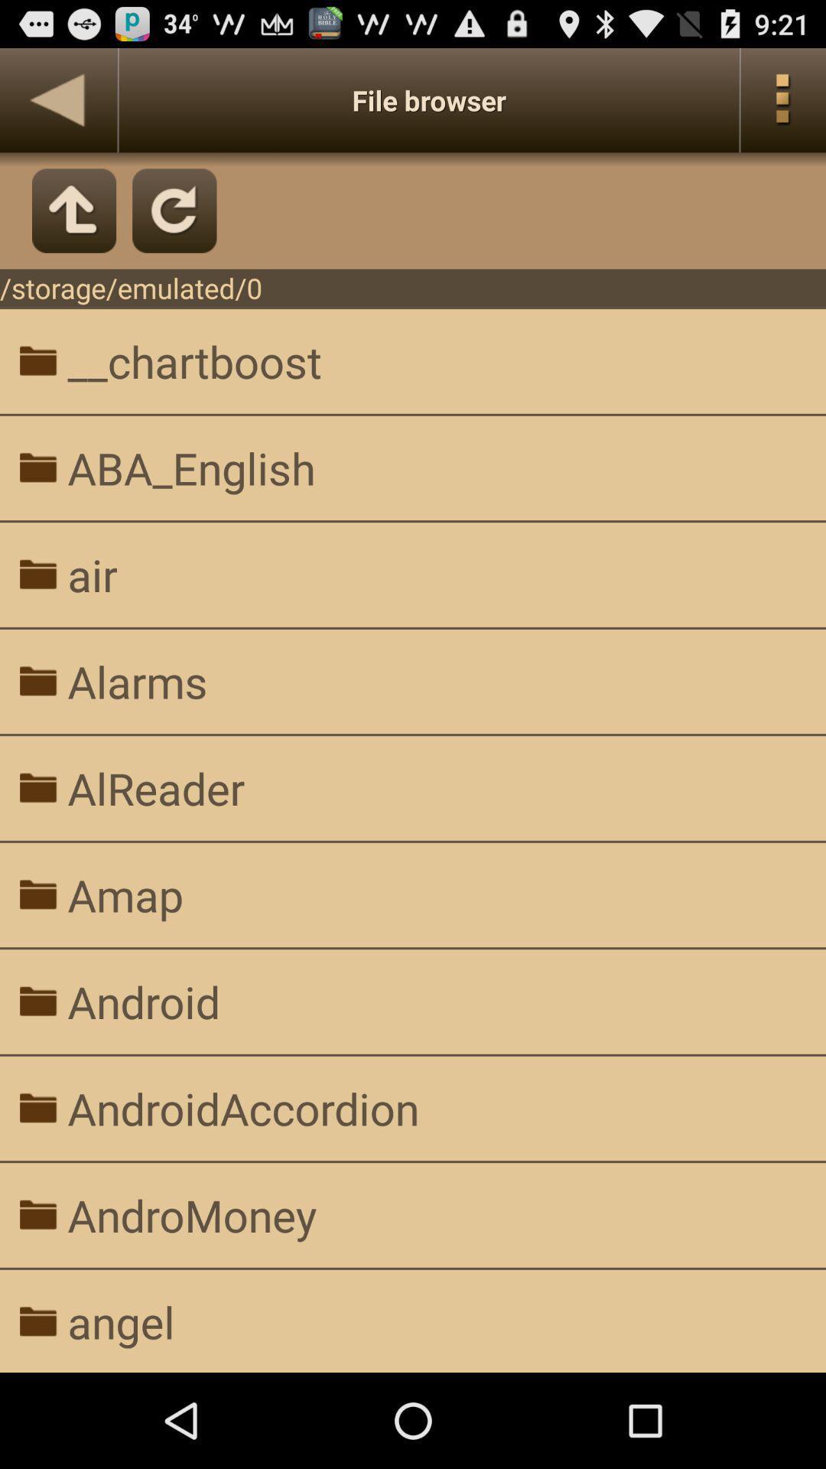 The width and height of the screenshot is (826, 1469). Describe the element at coordinates (174, 224) in the screenshot. I see `the refresh icon` at that location.